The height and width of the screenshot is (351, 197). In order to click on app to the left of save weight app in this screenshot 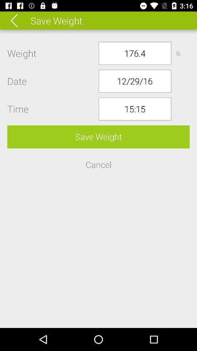, I will do `click(19, 20)`.